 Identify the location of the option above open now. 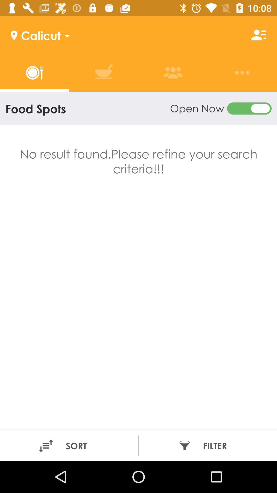
(173, 72).